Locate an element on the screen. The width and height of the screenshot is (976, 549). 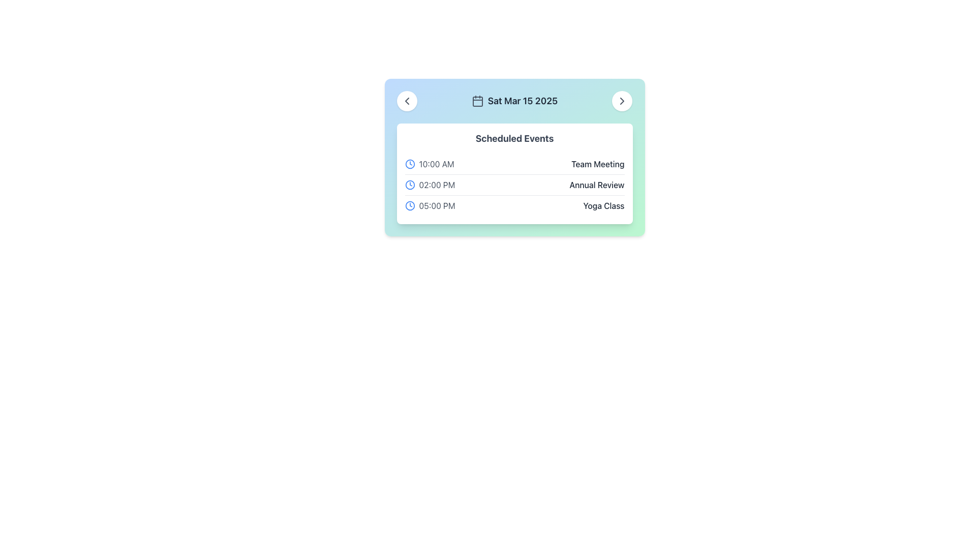
the 'chevron-left' style arrow icon which indicates a navigation option for moving to a previous date or section in a calendar or timeline interface is located at coordinates (407, 101).